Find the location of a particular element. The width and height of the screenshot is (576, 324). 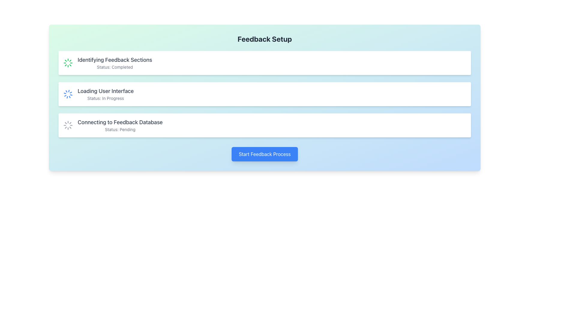

the static text display element that shows the title 'Loading User Interface' and subtitle 'Status: In Progress', which is the second item in a vertically stacked list of sections is located at coordinates (106, 94).